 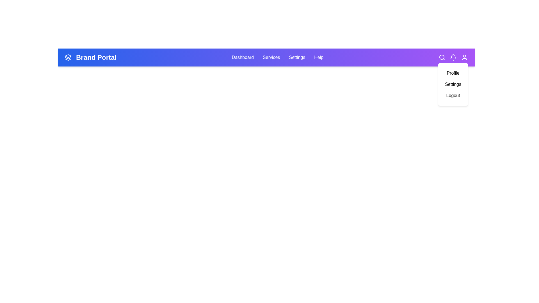 What do you see at coordinates (277, 57) in the screenshot?
I see `the Navigation Menu link located centrally in the navigation bar, which provides access to different sections or pages of the application` at bounding box center [277, 57].